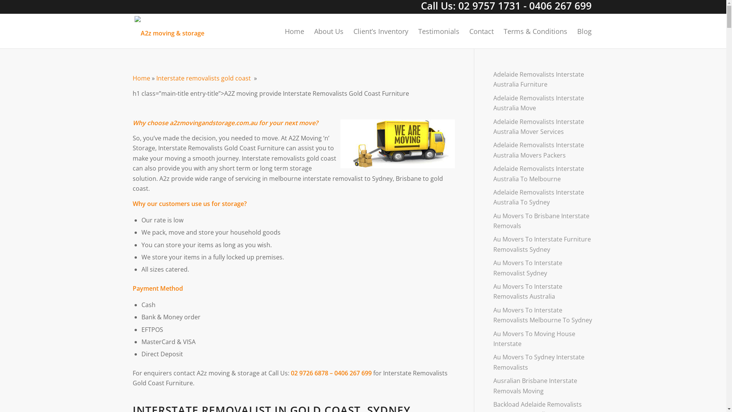  What do you see at coordinates (464, 31) in the screenshot?
I see `'Contact'` at bounding box center [464, 31].